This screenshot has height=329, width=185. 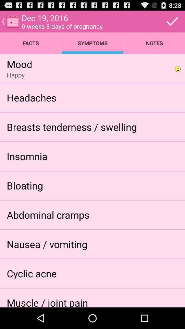 I want to click on the app below the headaches app, so click(x=71, y=126).